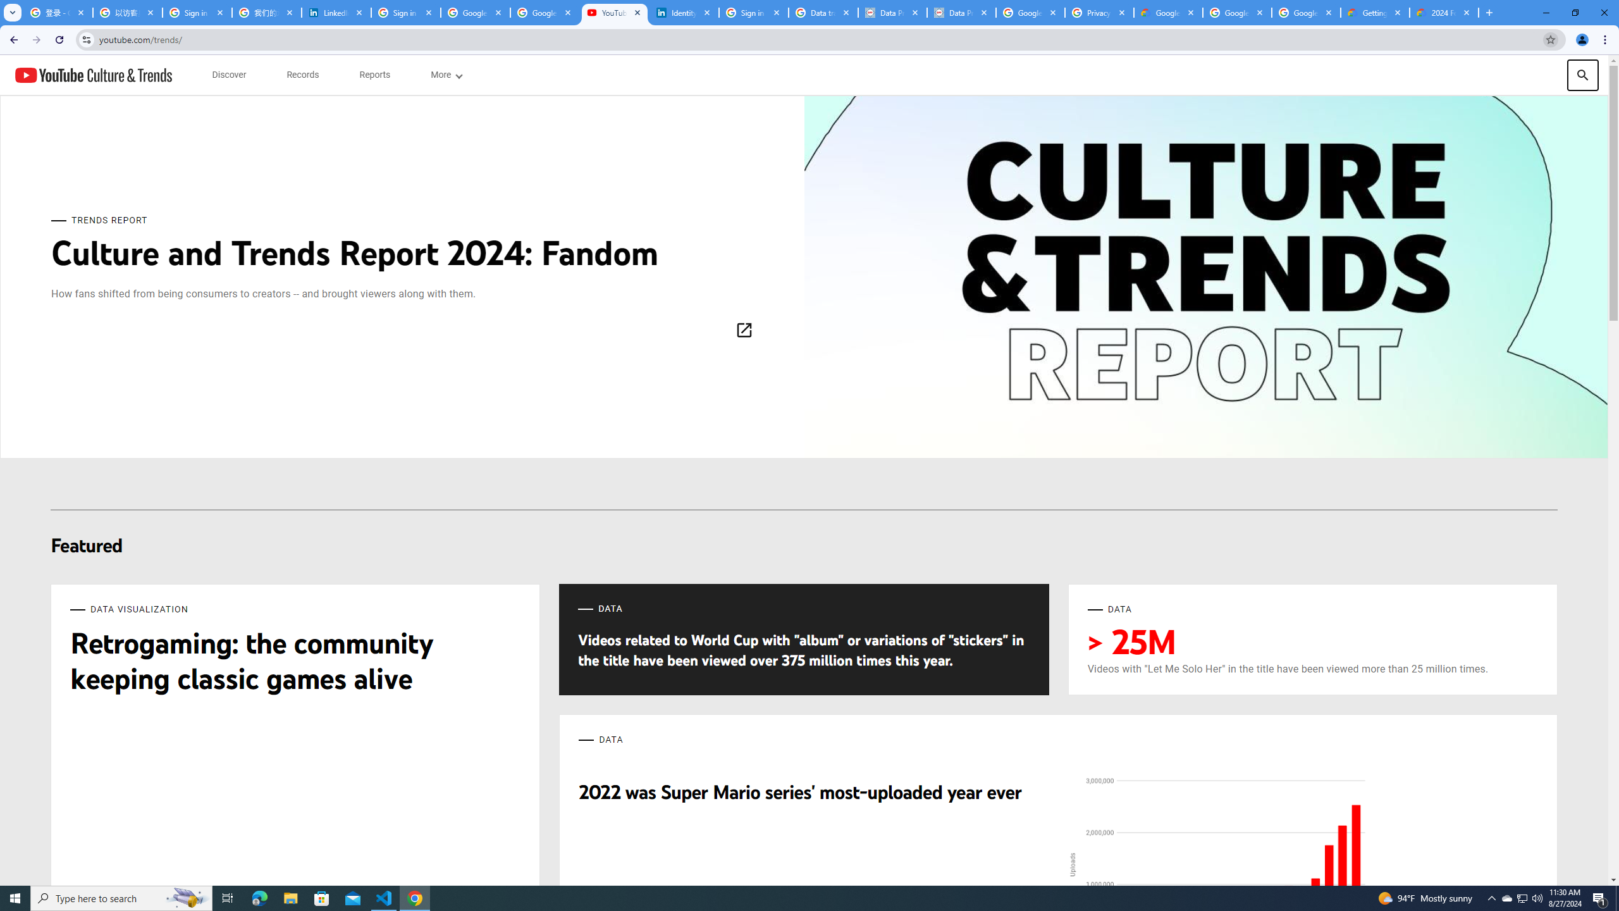  I want to click on 'subnav-More menupopup', so click(446, 75).